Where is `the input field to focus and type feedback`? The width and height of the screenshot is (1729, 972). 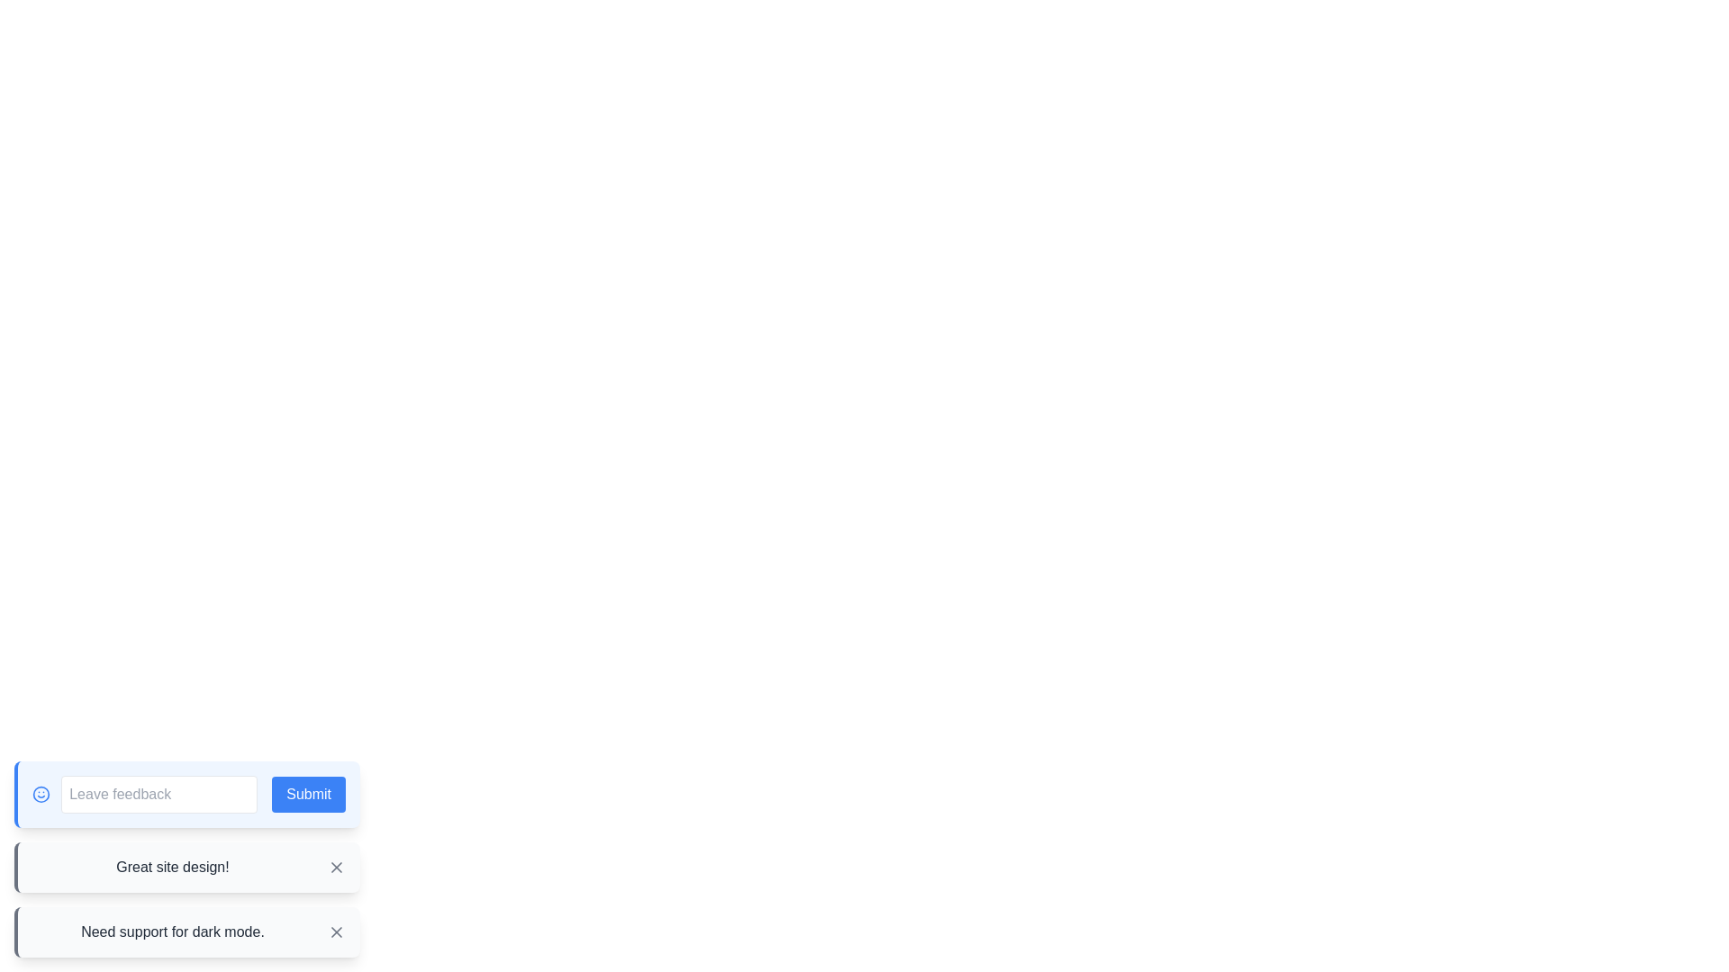
the input field to focus and type feedback is located at coordinates (159, 794).